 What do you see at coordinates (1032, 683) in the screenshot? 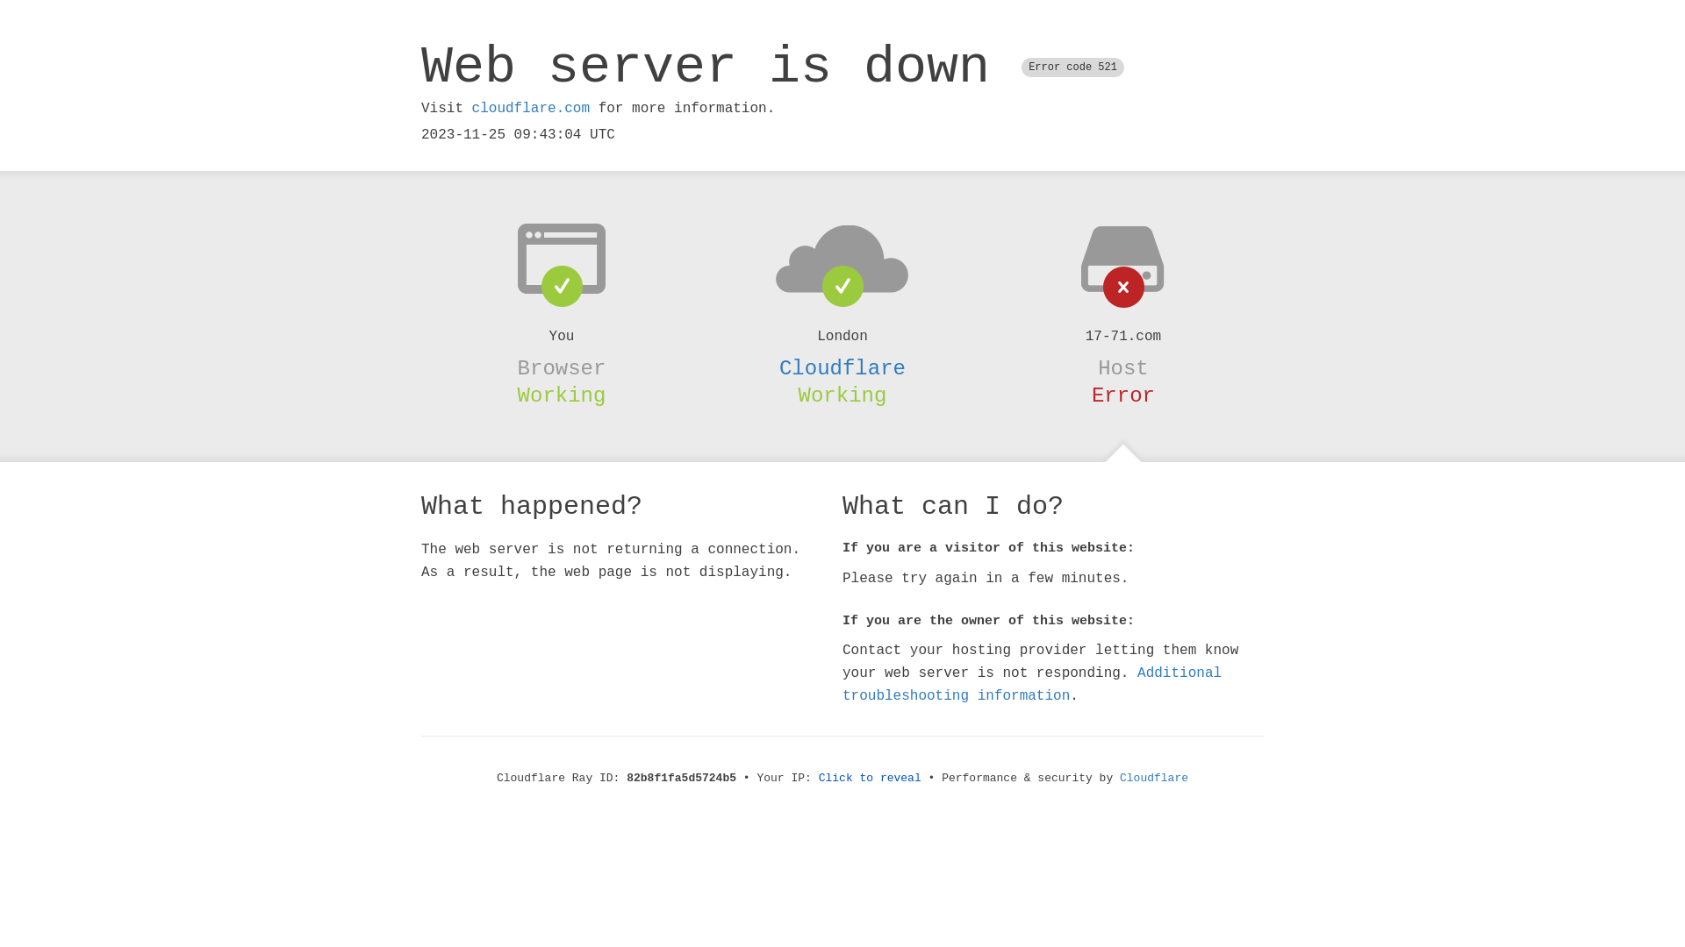
I see `'Additional troubleshooting information'` at bounding box center [1032, 683].